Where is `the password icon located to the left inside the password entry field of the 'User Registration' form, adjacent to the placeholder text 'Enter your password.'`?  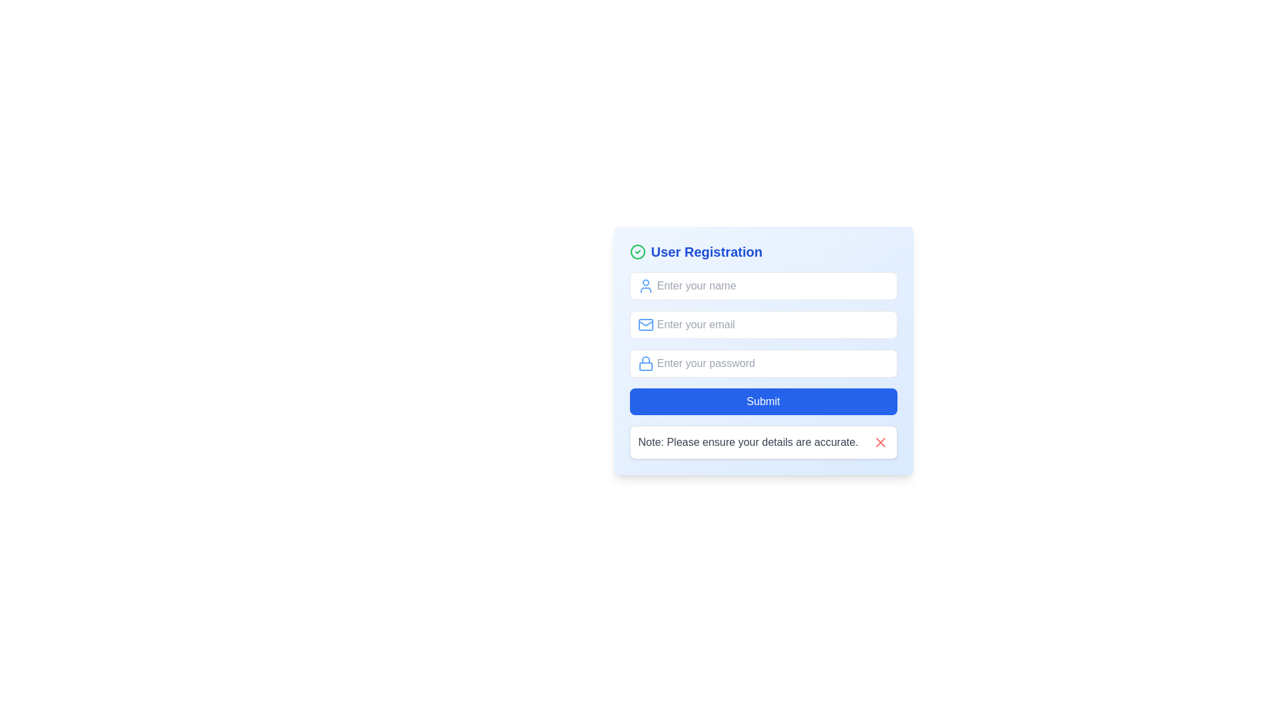 the password icon located to the left inside the password entry field of the 'User Registration' form, adjacent to the placeholder text 'Enter your password.' is located at coordinates (645, 363).